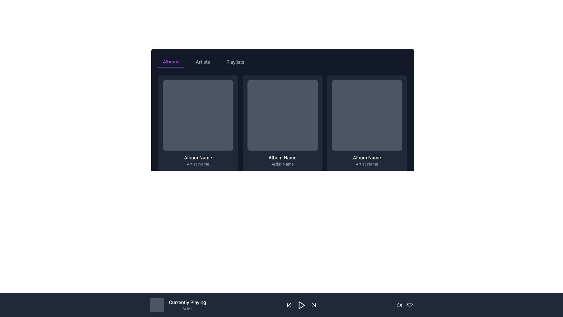 This screenshot has height=317, width=563. I want to click on the Artists tab button, which is the second item in a horizontal list of tabs located at the top of the content section, positioned between the Albums and Playlists tabs, so click(203, 62).